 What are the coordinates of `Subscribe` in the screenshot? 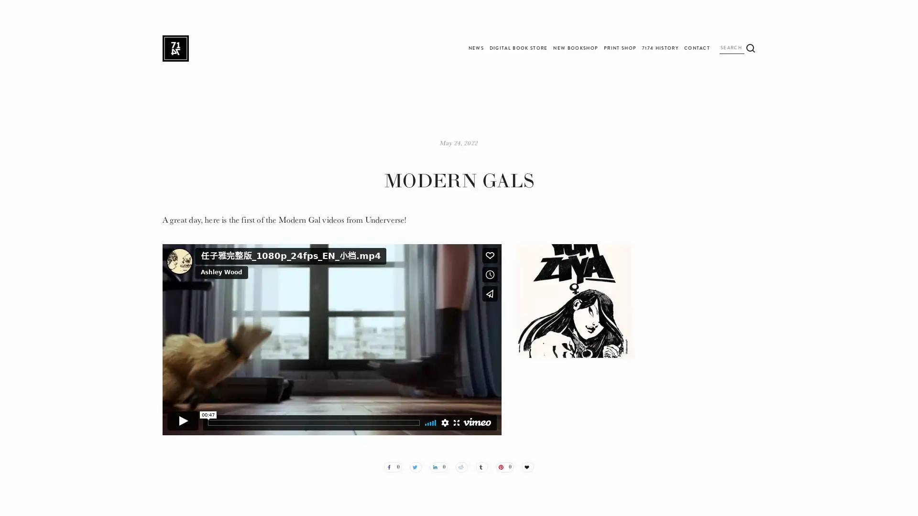 It's located at (540, 280).